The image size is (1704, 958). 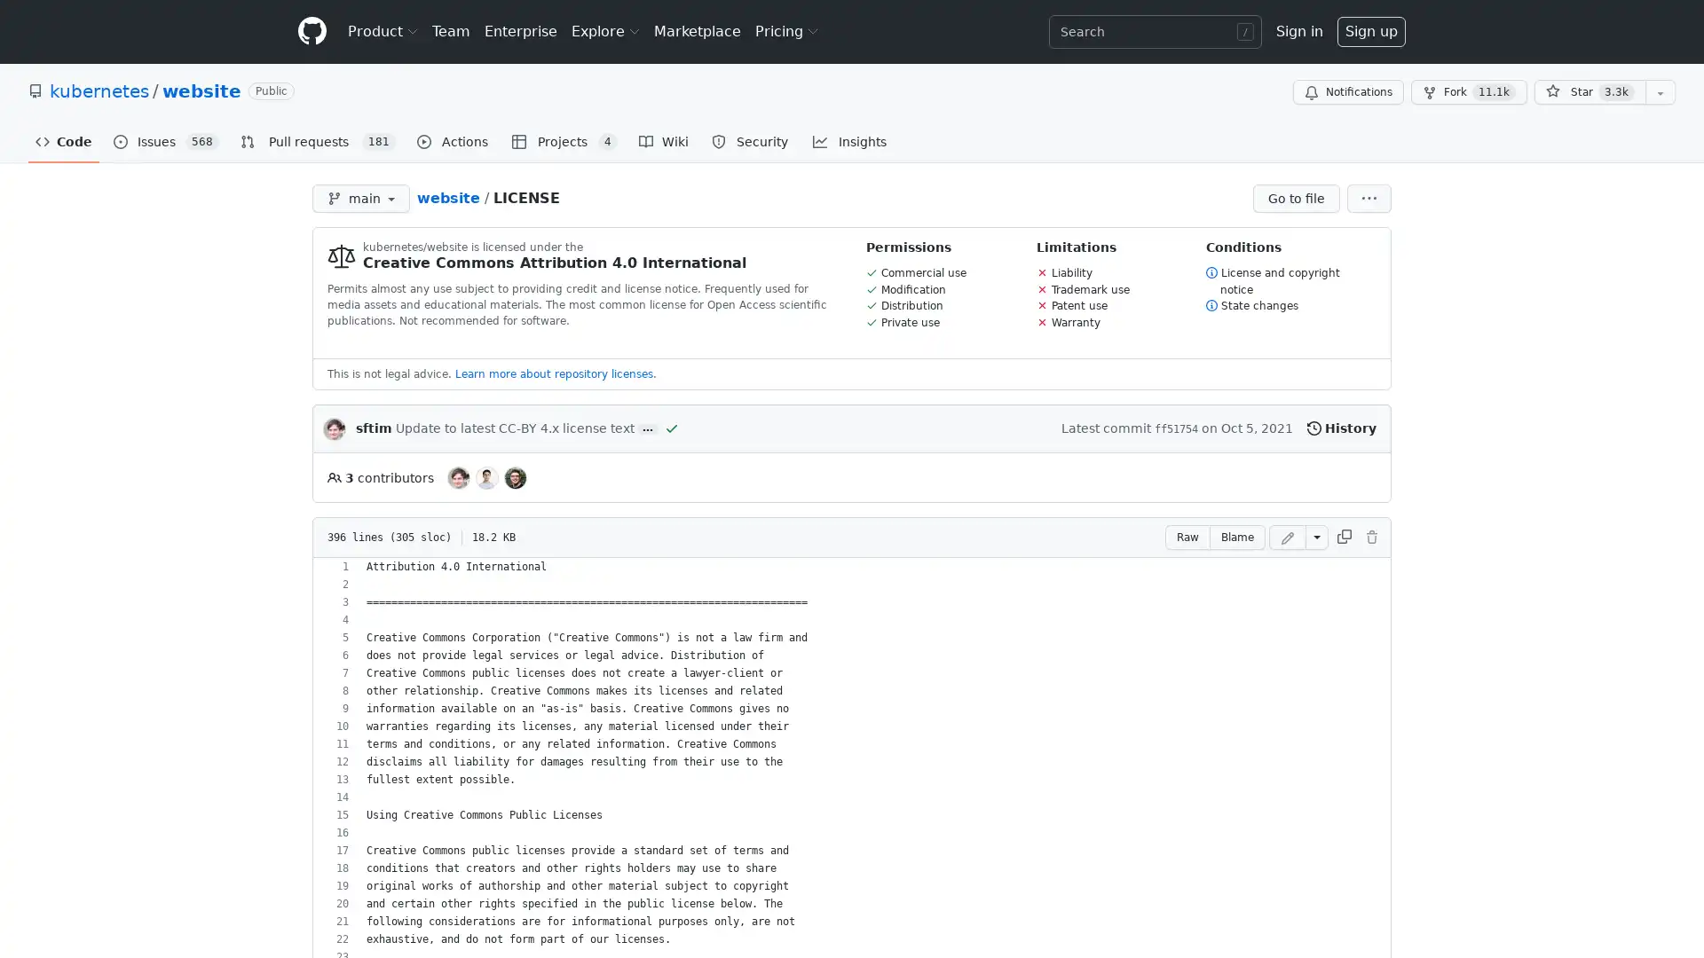 What do you see at coordinates (379, 476) in the screenshot?
I see `3 contributors` at bounding box center [379, 476].